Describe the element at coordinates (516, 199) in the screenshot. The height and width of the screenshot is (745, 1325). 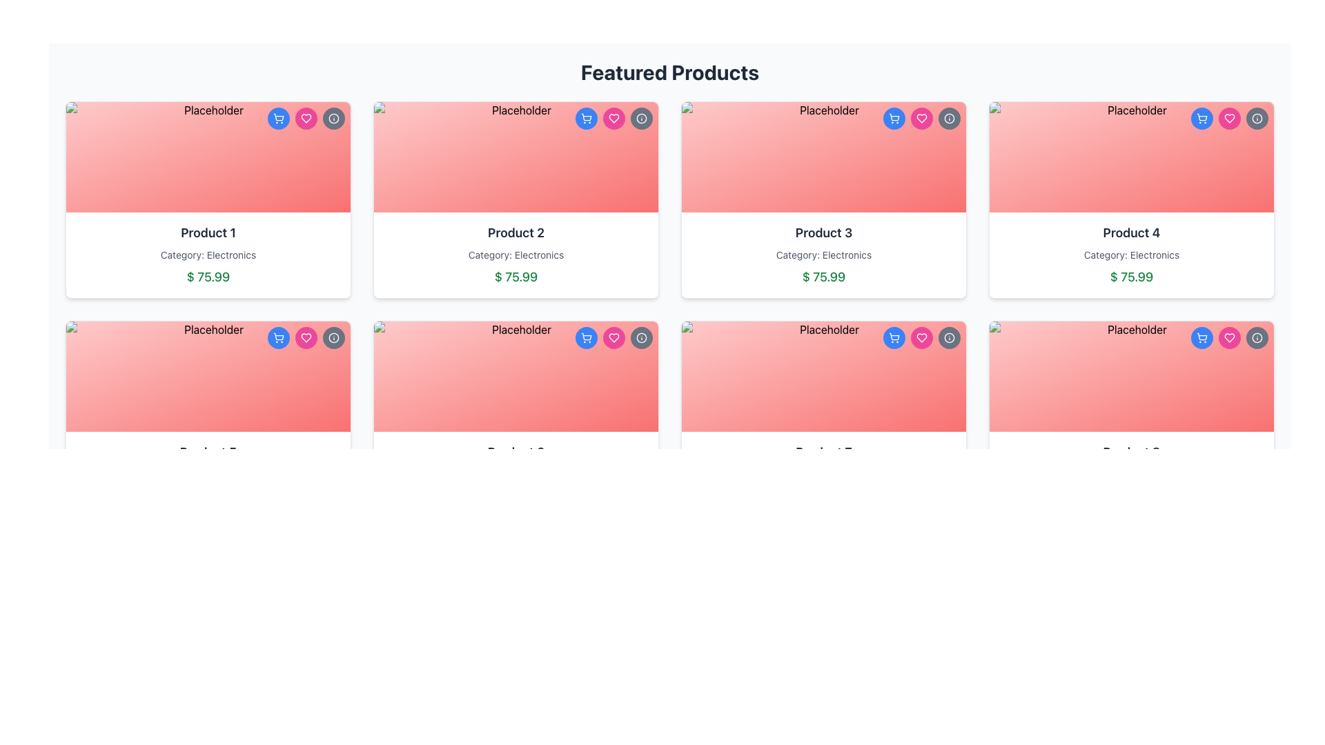
I see `the second Card UI Component in the product grid, which displays product information` at that location.